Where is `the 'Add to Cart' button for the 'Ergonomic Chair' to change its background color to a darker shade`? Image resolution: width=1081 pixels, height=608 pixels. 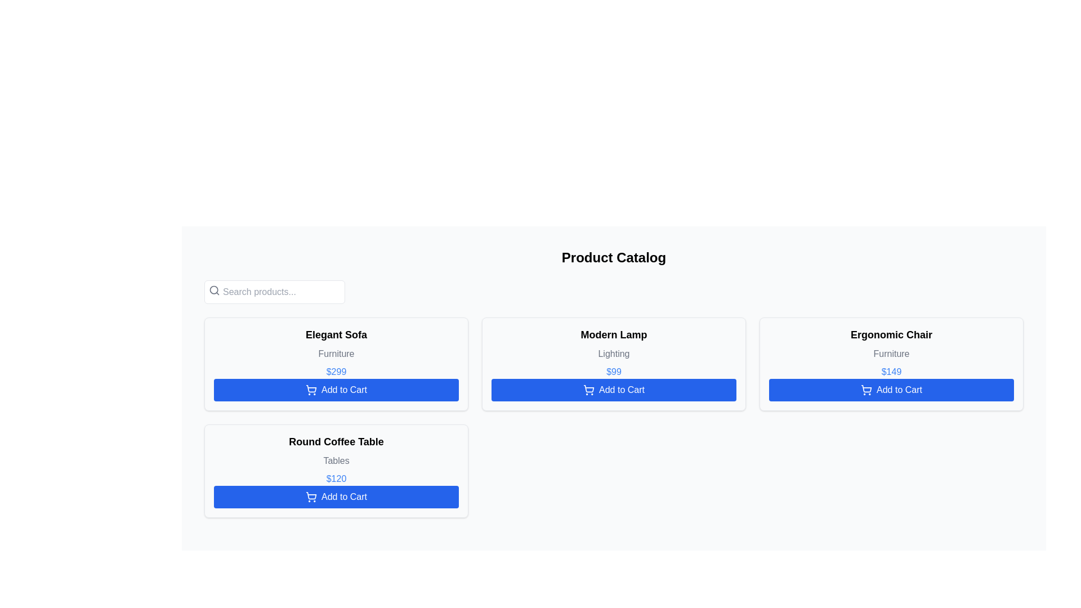 the 'Add to Cart' button for the 'Ergonomic Chair' to change its background color to a darker shade is located at coordinates (891, 390).